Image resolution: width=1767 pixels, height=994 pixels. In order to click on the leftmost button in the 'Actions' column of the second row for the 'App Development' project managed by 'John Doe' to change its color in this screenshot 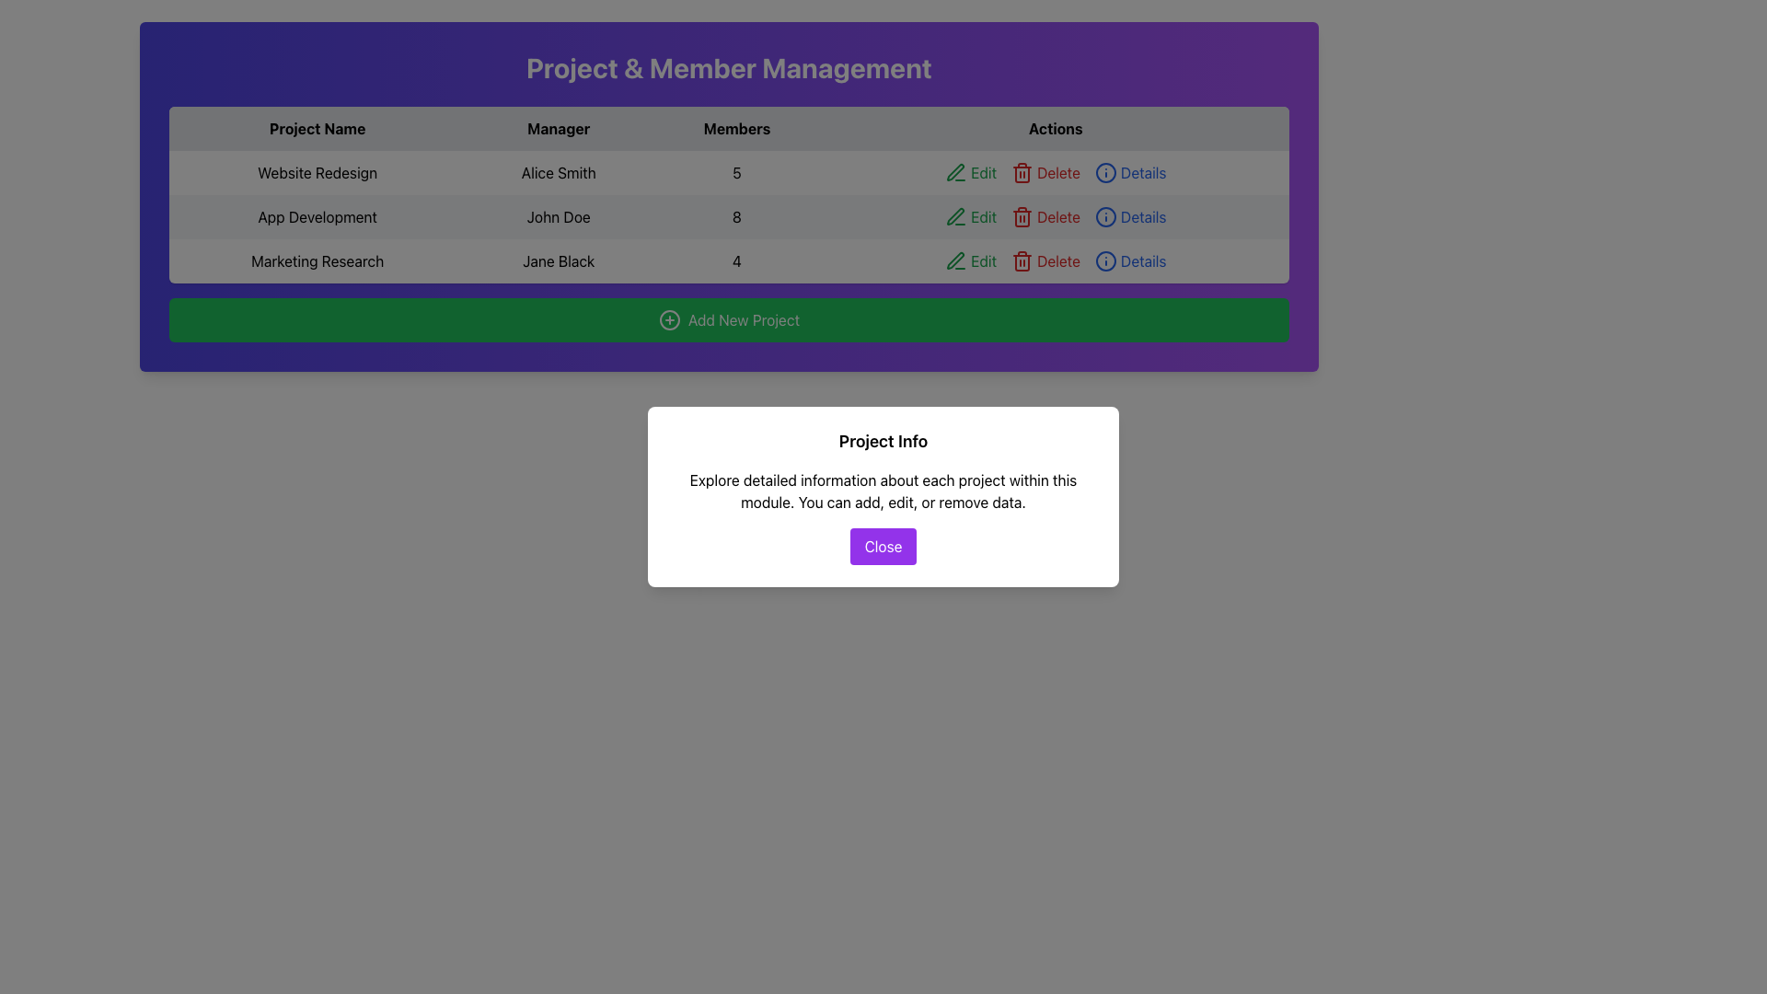, I will do `click(970, 215)`.